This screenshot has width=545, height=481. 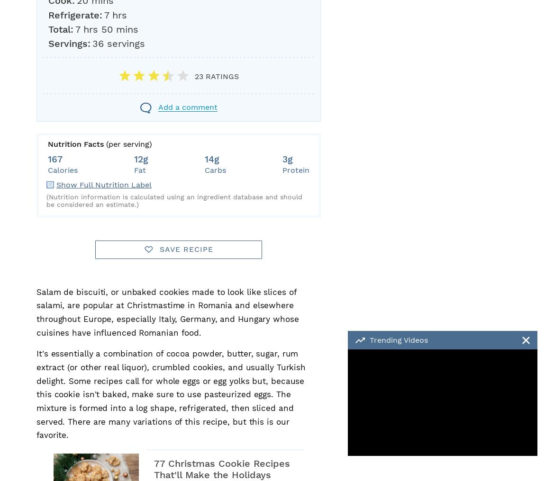 I want to click on '7 hrs', so click(x=115, y=14).